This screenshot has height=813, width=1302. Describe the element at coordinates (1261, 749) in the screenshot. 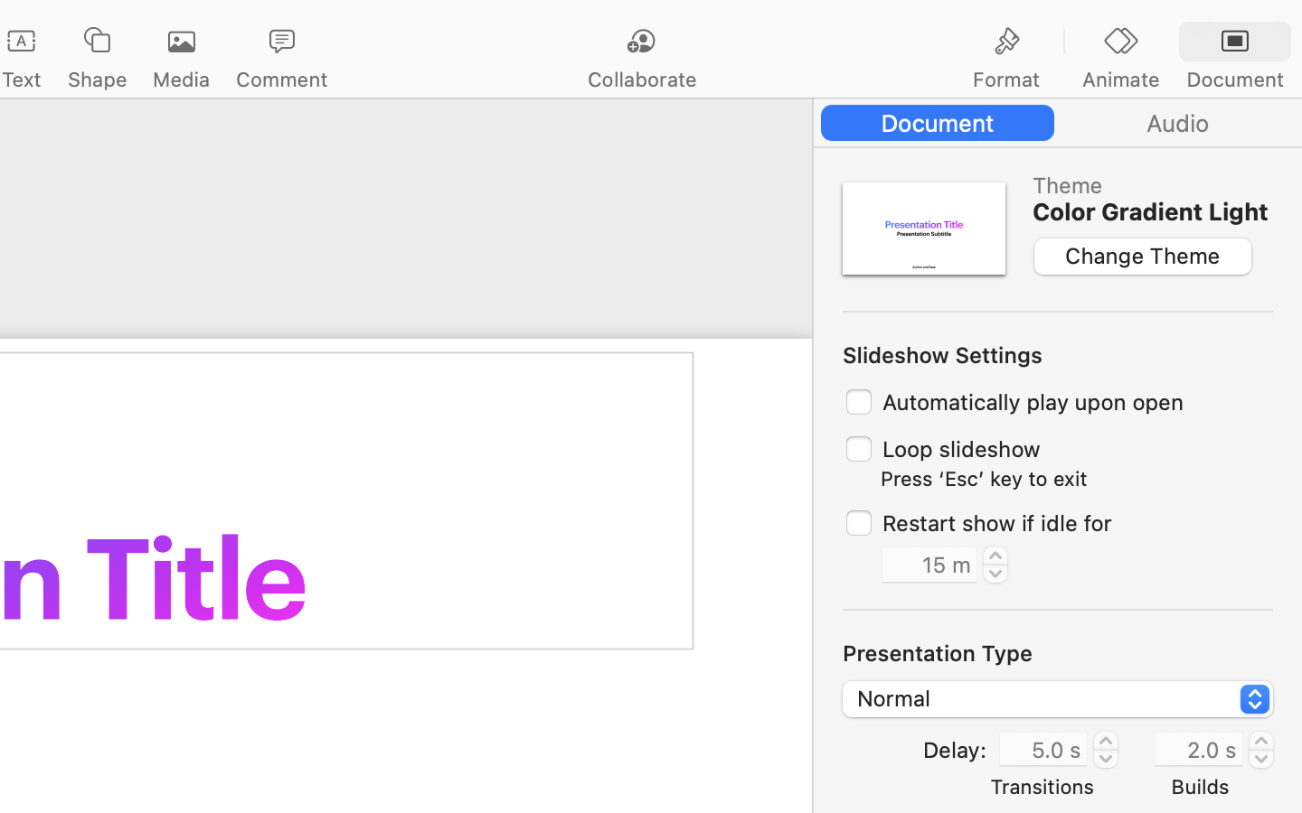

I see `'2.0'` at that location.